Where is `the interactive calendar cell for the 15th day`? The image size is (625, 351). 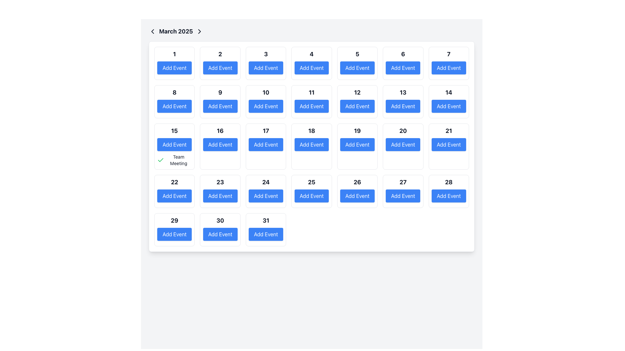
the interactive calendar cell for the 15th day is located at coordinates (174, 147).